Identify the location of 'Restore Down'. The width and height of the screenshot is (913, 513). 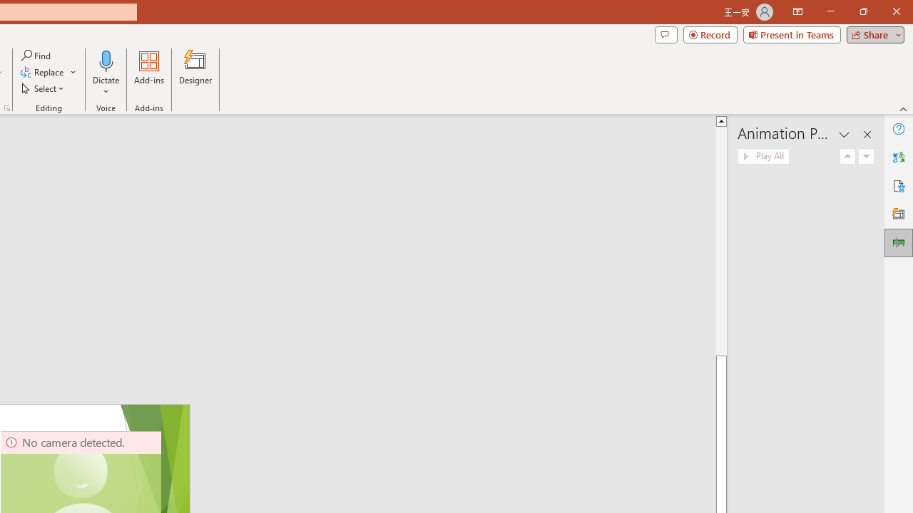
(862, 11).